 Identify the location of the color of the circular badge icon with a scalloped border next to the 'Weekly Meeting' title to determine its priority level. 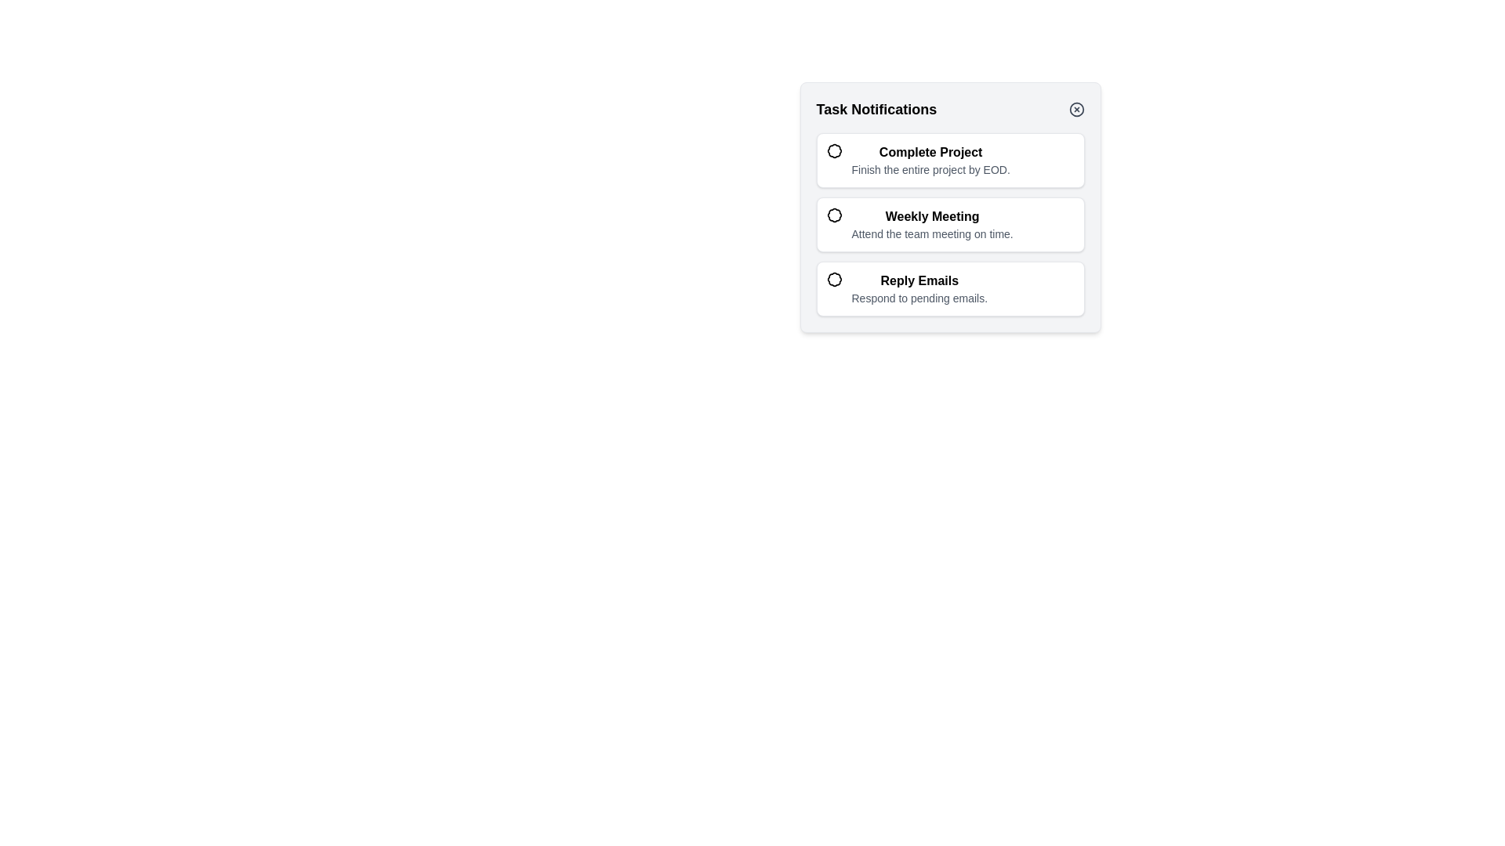
(833, 215).